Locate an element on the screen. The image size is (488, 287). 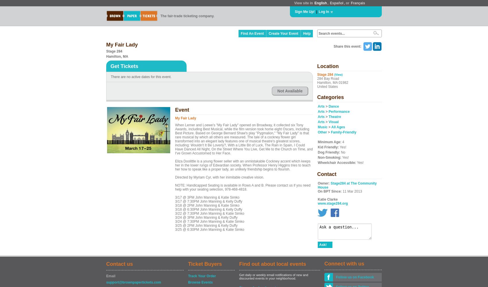
'www.stage284.org' is located at coordinates (333, 203).